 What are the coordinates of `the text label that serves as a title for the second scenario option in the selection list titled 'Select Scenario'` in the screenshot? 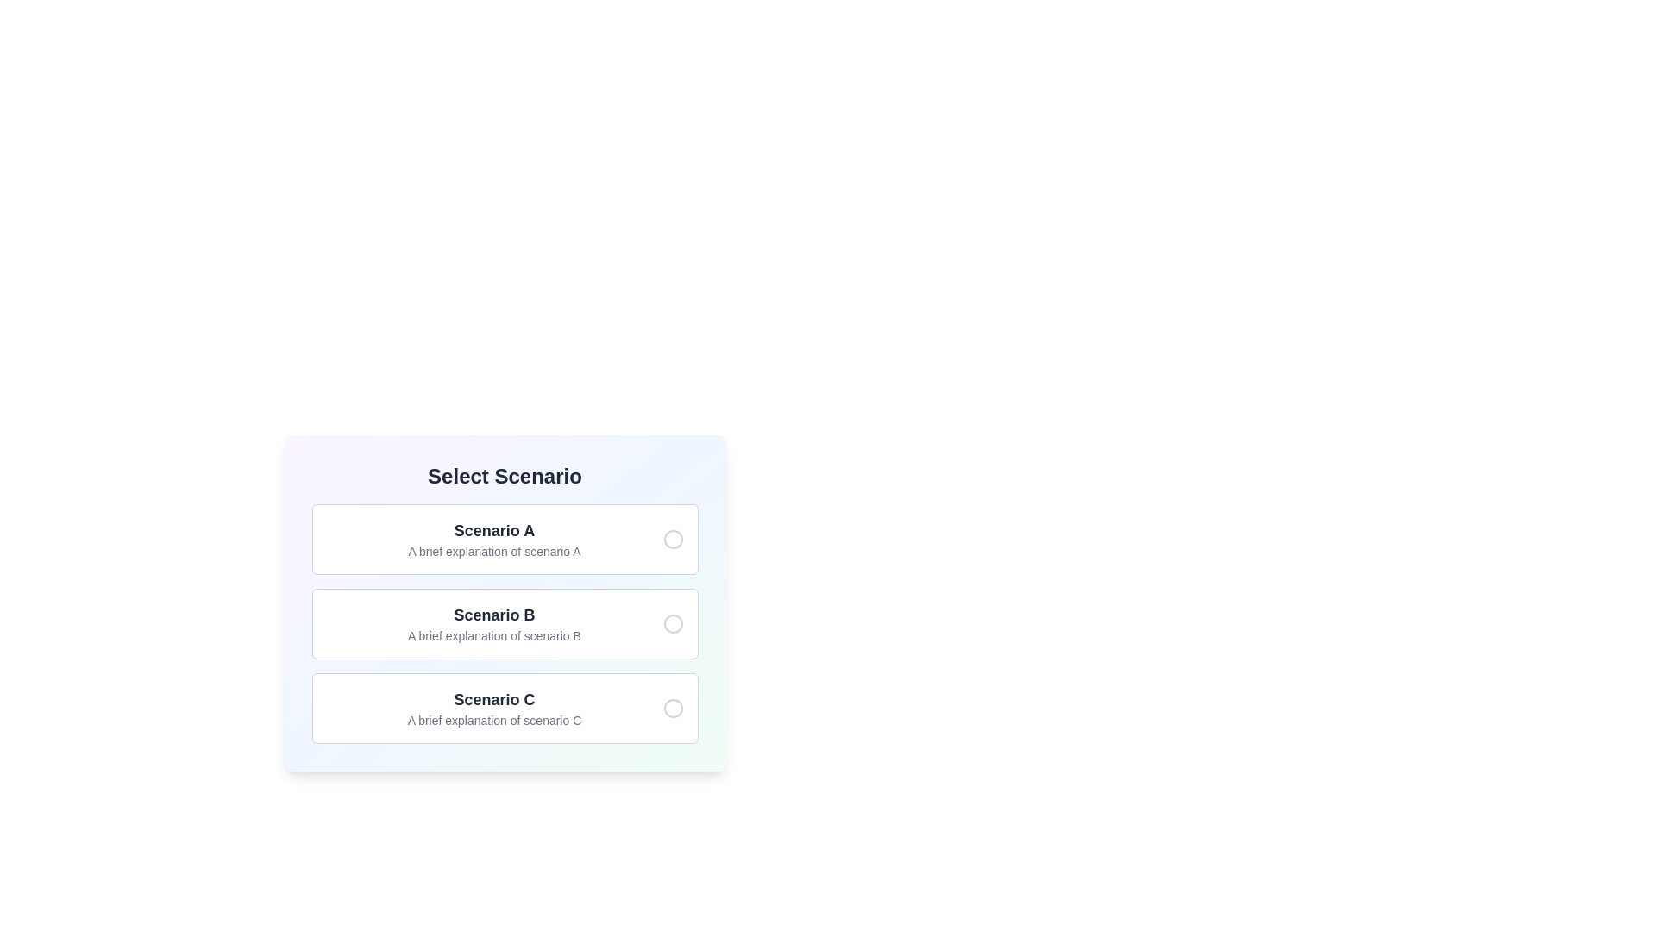 It's located at (493, 614).